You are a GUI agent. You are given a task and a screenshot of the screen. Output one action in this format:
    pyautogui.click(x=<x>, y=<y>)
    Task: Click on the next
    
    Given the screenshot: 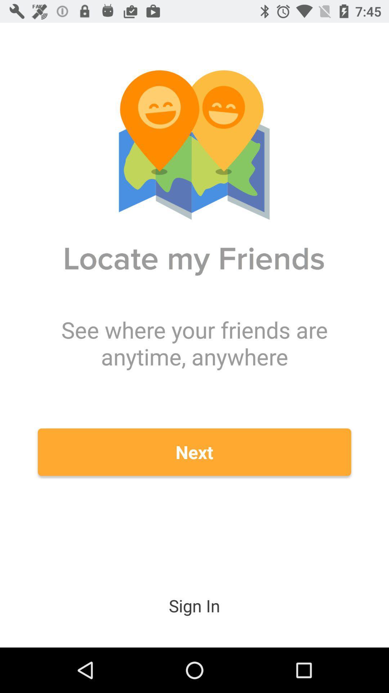 What is the action you would take?
    pyautogui.click(x=194, y=452)
    